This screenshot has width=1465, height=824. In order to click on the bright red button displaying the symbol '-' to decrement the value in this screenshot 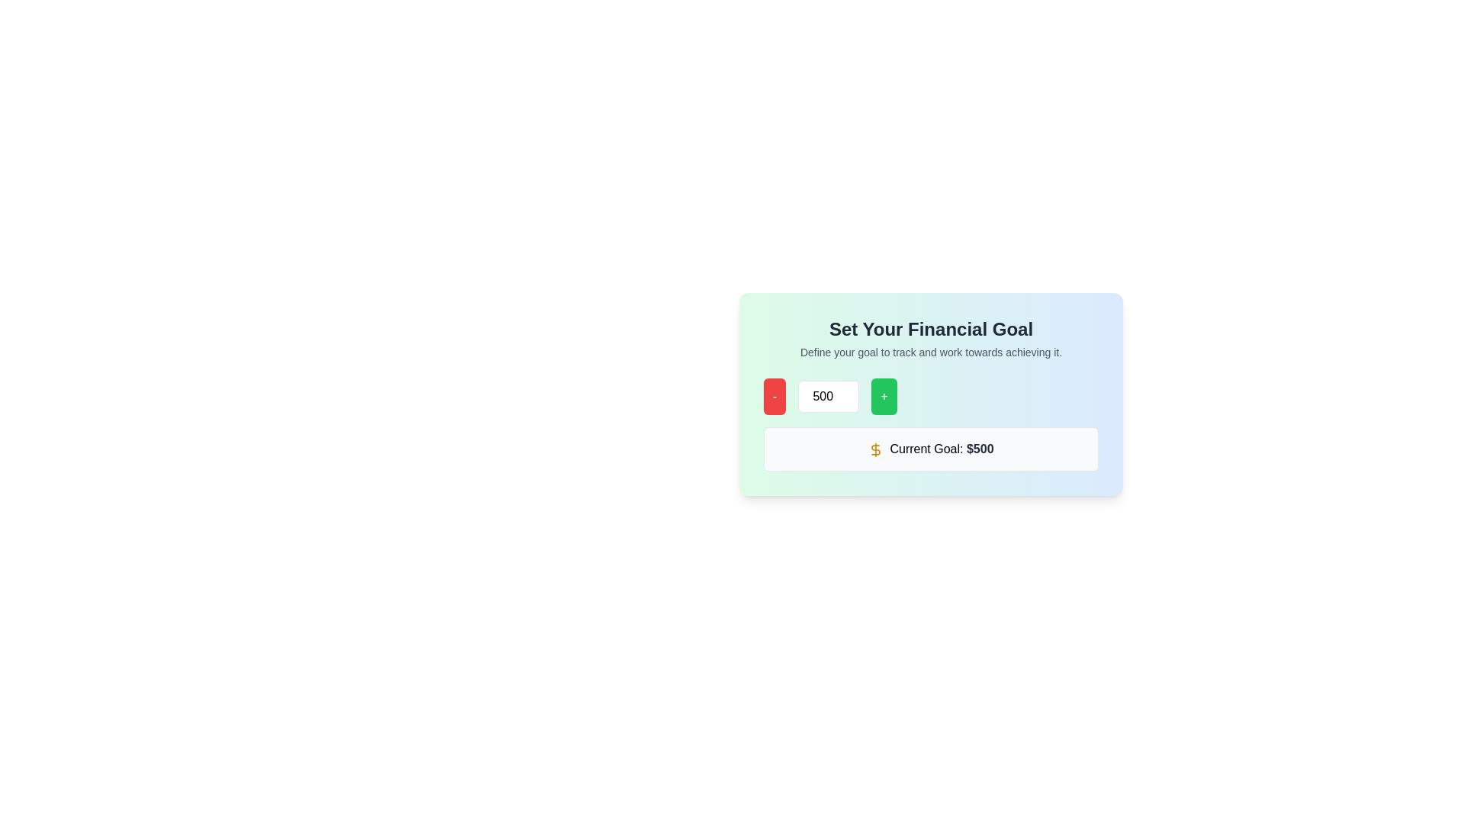, I will do `click(774, 396)`.